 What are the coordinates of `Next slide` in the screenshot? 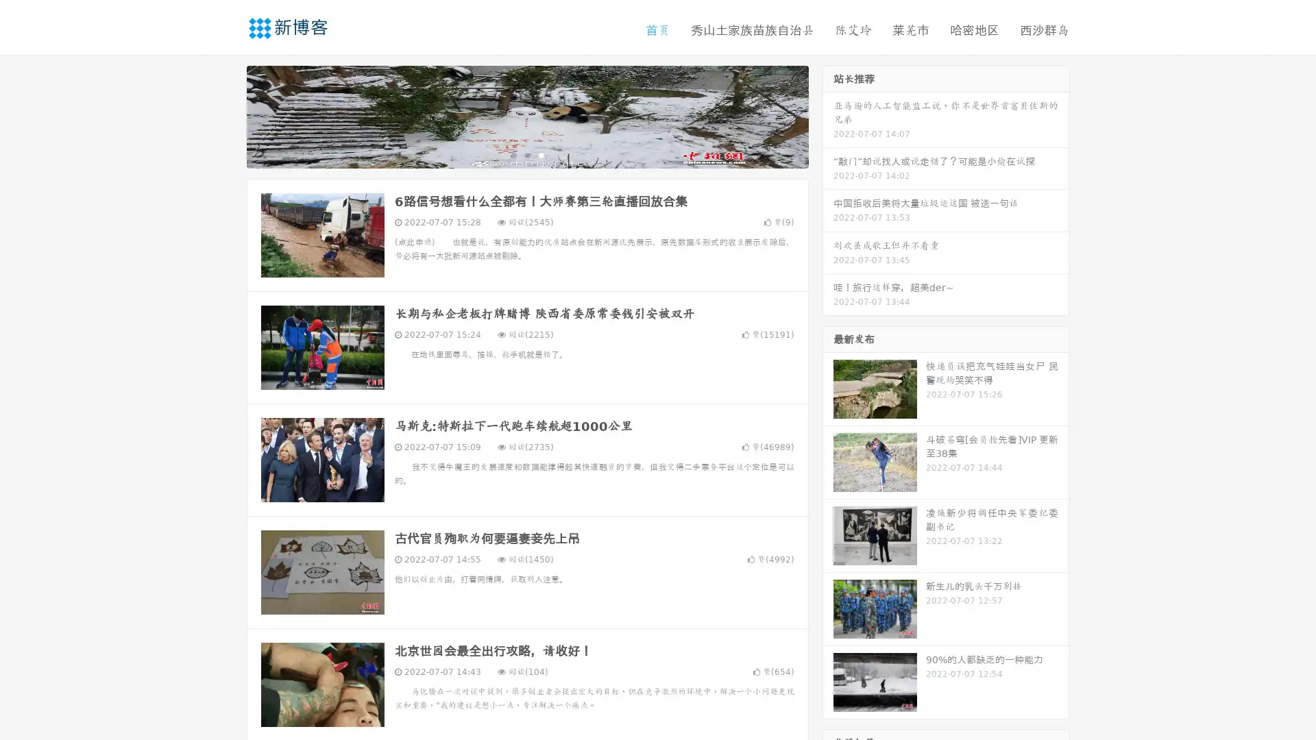 It's located at (828, 115).